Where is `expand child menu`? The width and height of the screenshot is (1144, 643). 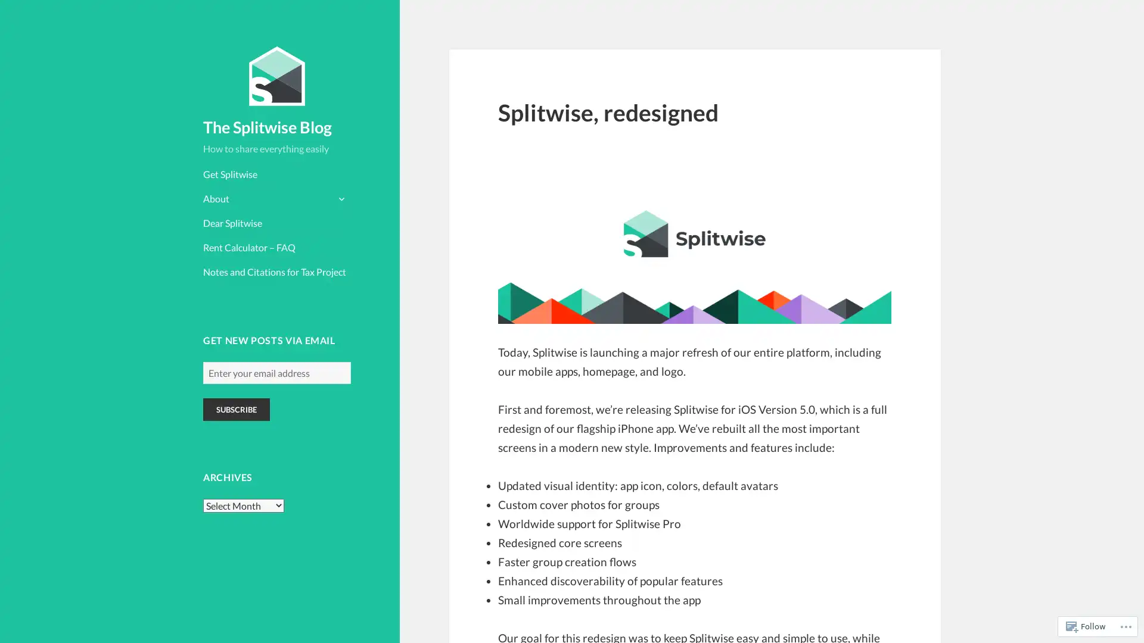
expand child menu is located at coordinates (340, 197).